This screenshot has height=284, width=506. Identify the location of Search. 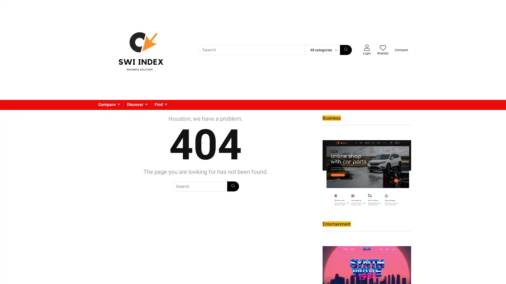
(232, 186).